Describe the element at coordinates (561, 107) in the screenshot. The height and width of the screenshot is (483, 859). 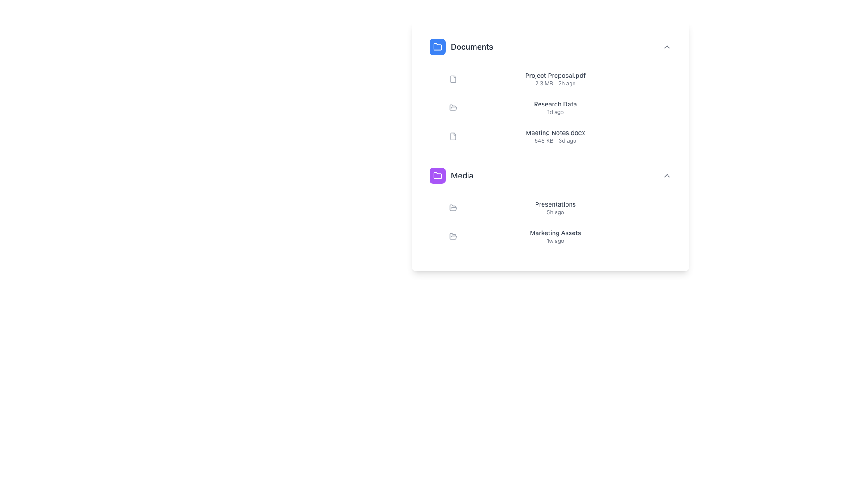
I see `to select the folder named 'Research Data', which is the second item in the Documents section of the list` at that location.